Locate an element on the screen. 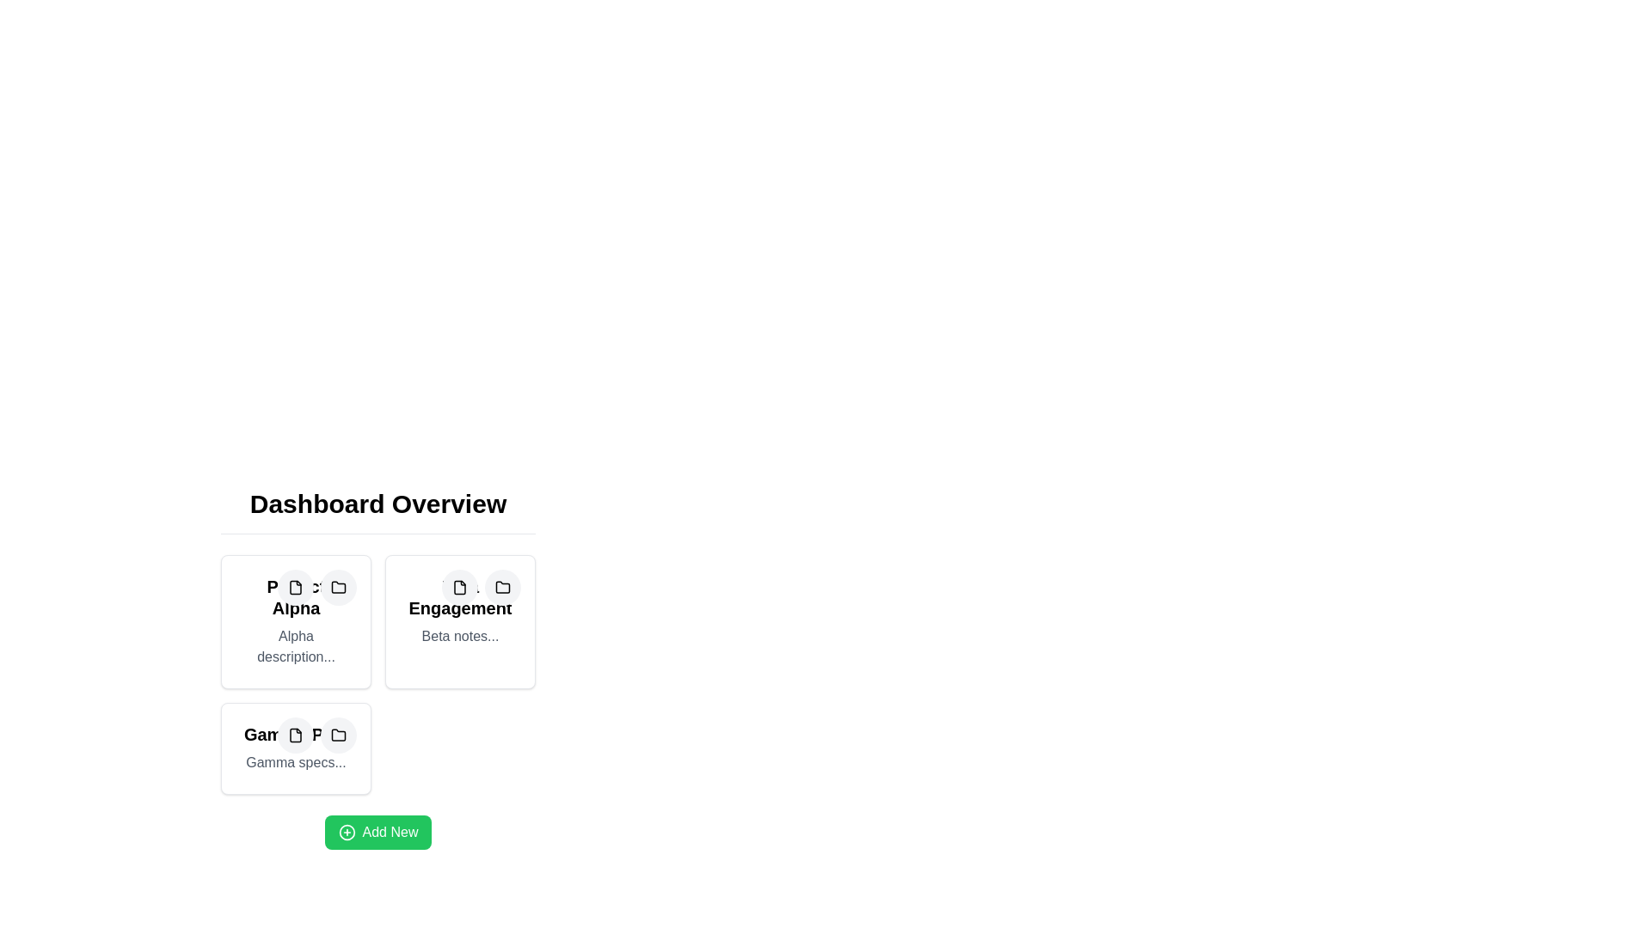  the circular icons representing file and folder functionalities within the 'Gamma Plan' interactive card located in the Dashboard Overview section is located at coordinates (296, 748).